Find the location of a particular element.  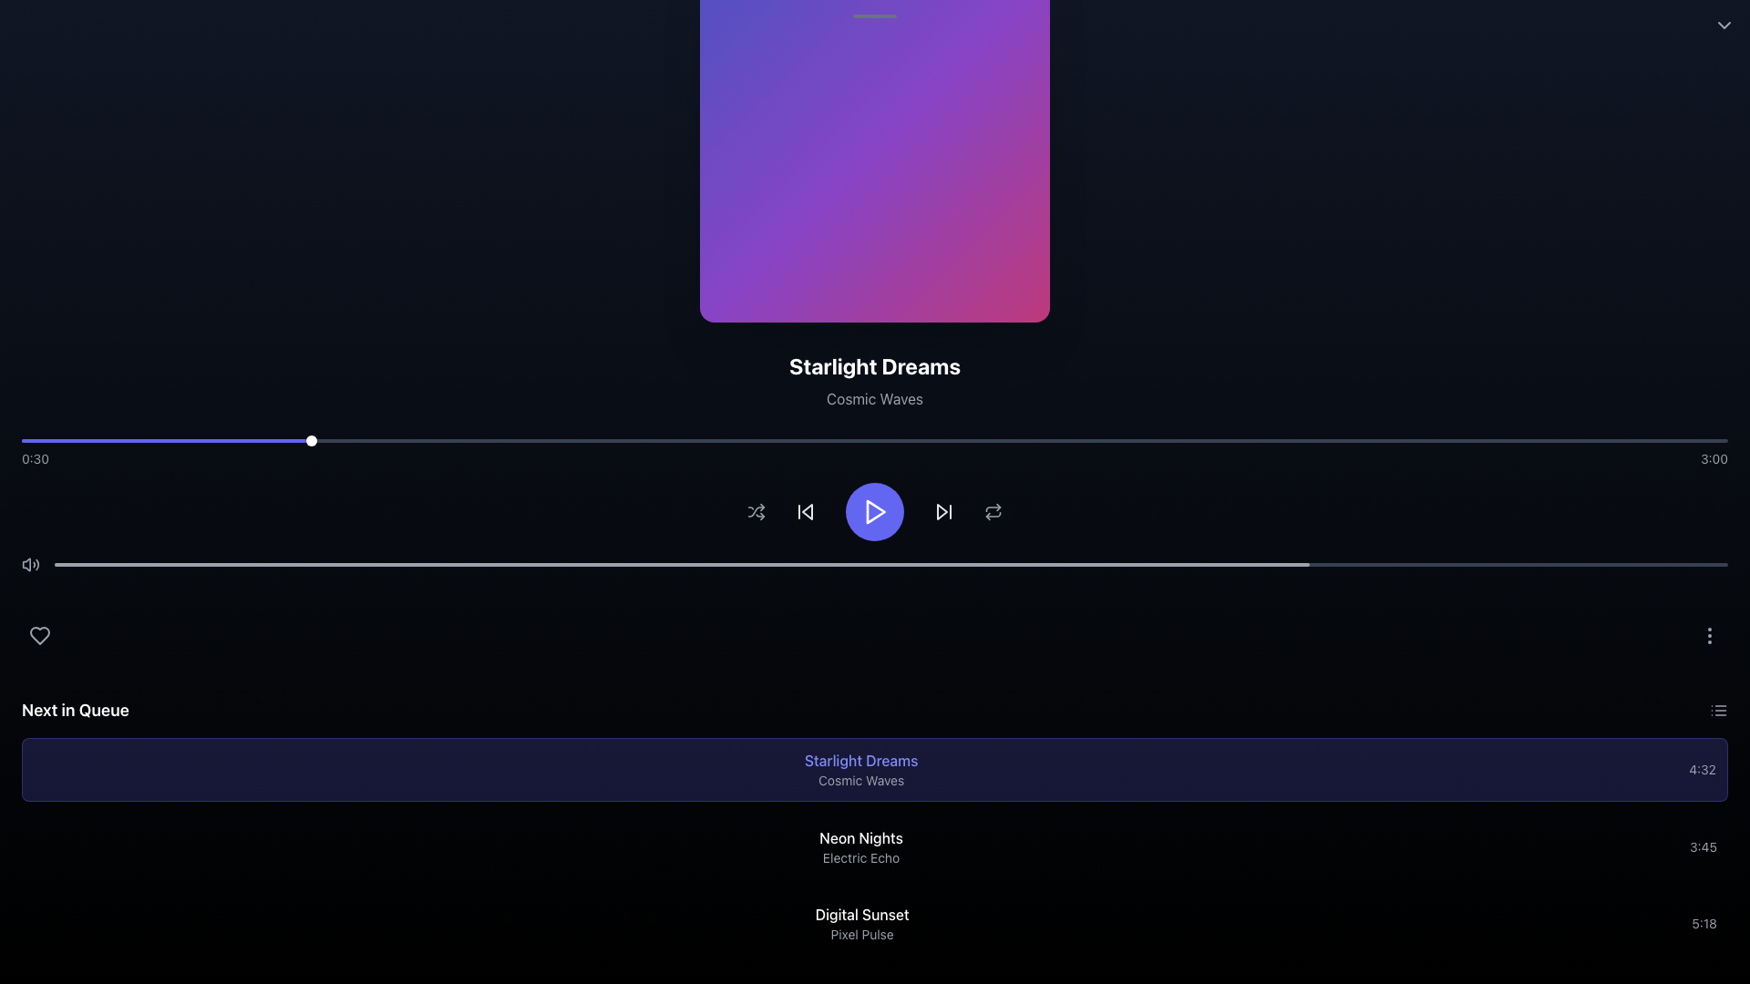

the playback progress is located at coordinates (456, 564).